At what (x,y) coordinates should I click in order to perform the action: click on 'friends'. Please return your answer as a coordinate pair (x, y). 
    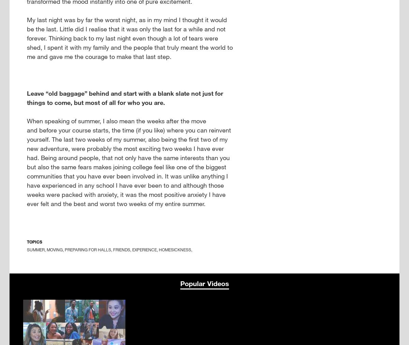
    Looking at the image, I should click on (122, 250).